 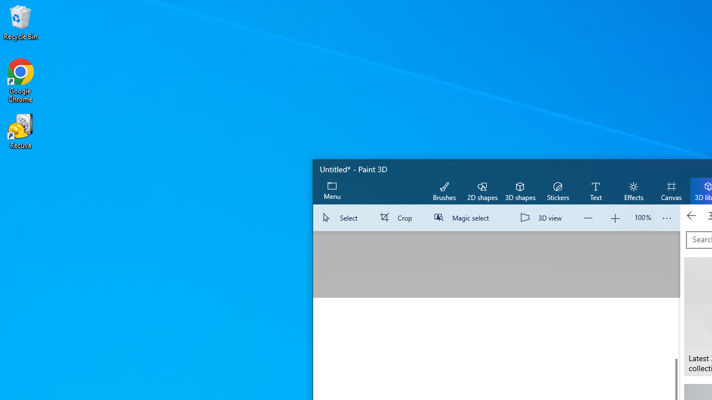 What do you see at coordinates (342, 218) in the screenshot?
I see `'Select'` at bounding box center [342, 218].